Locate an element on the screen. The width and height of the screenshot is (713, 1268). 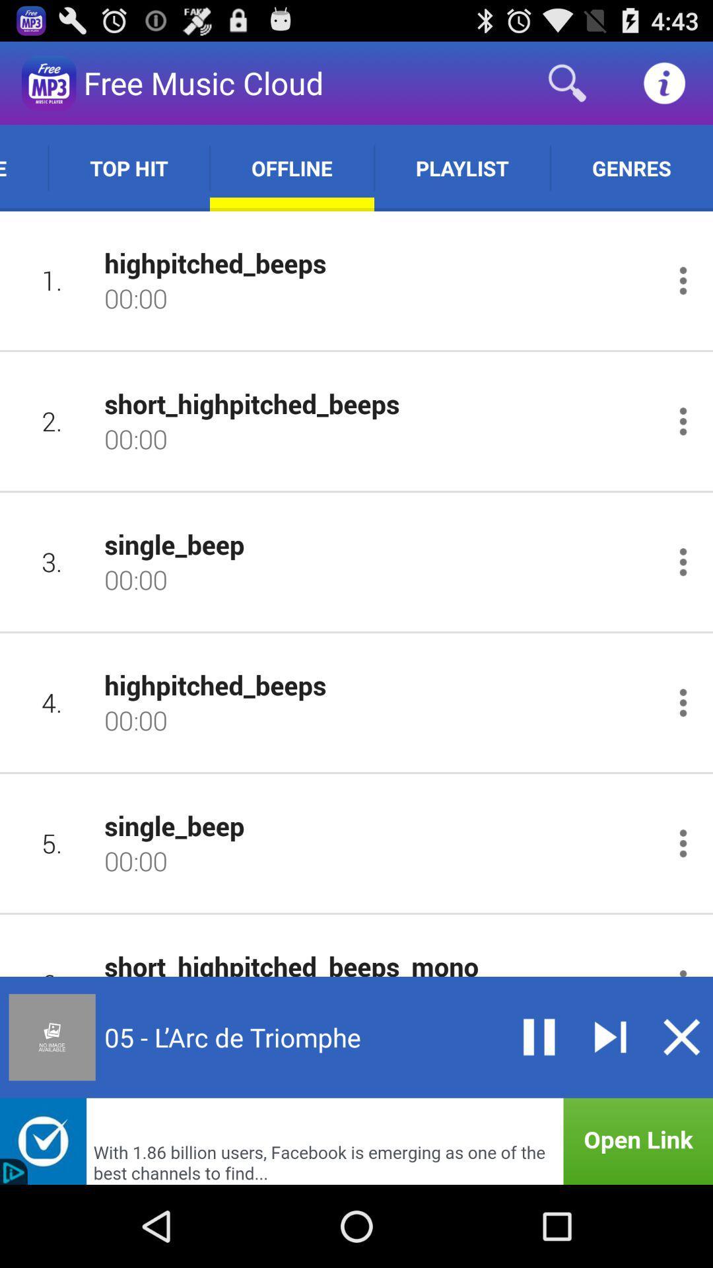
icon next to the short_highpitched_beeps_mono item is located at coordinates (51, 958).